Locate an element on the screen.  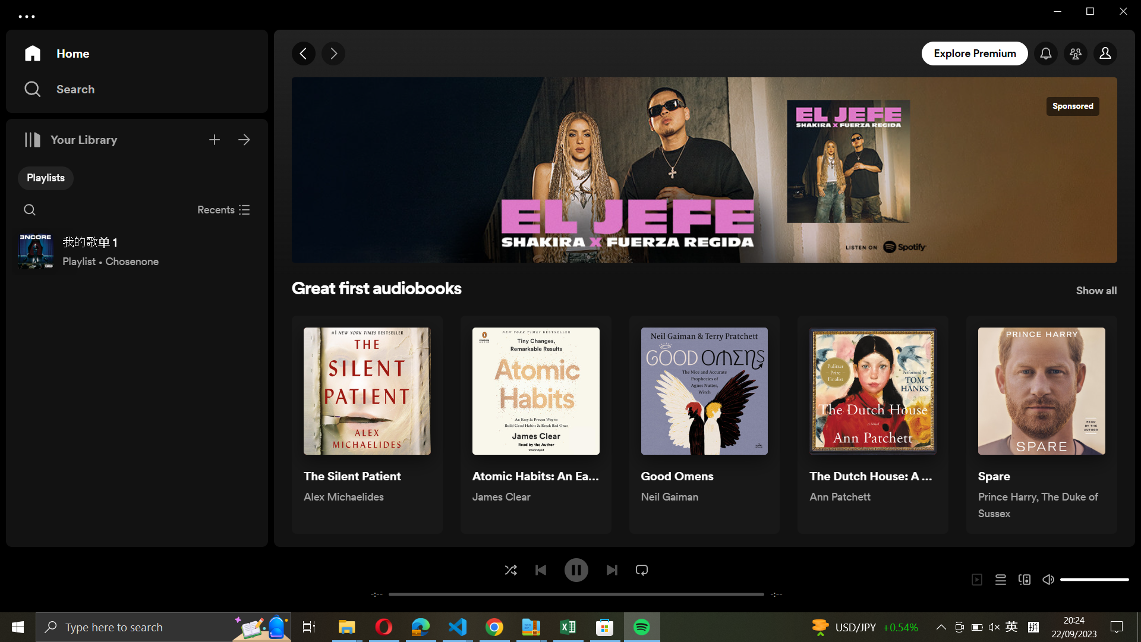
Add the "Silent Patient" audiobook to your personal e-library is located at coordinates (366, 424).